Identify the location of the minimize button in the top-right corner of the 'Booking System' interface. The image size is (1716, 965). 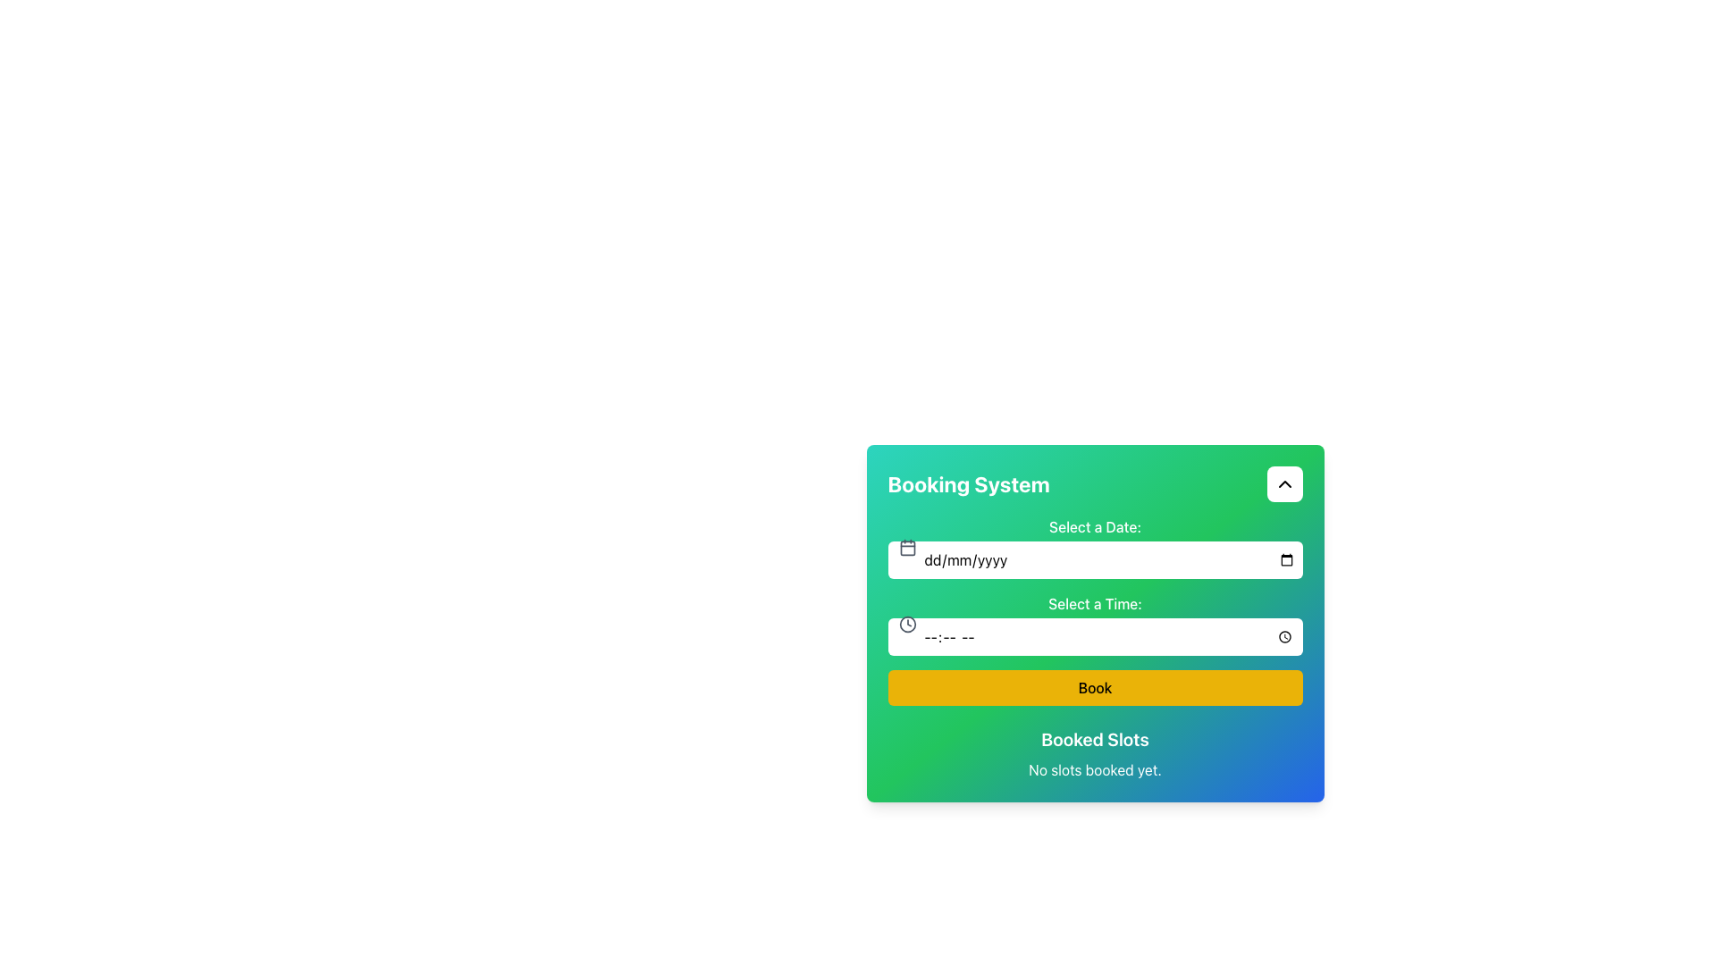
(1283, 484).